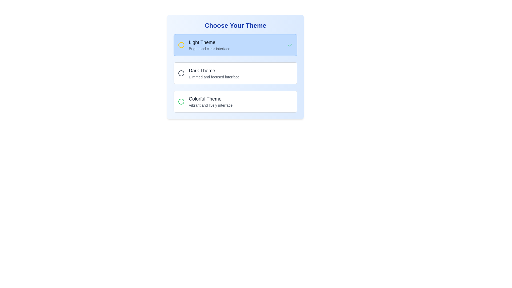 The image size is (512, 288). What do you see at coordinates (214, 77) in the screenshot?
I see `descriptive text displayed below the 'Dark Theme' option in the 'Choose Your Theme' selection interface` at bounding box center [214, 77].